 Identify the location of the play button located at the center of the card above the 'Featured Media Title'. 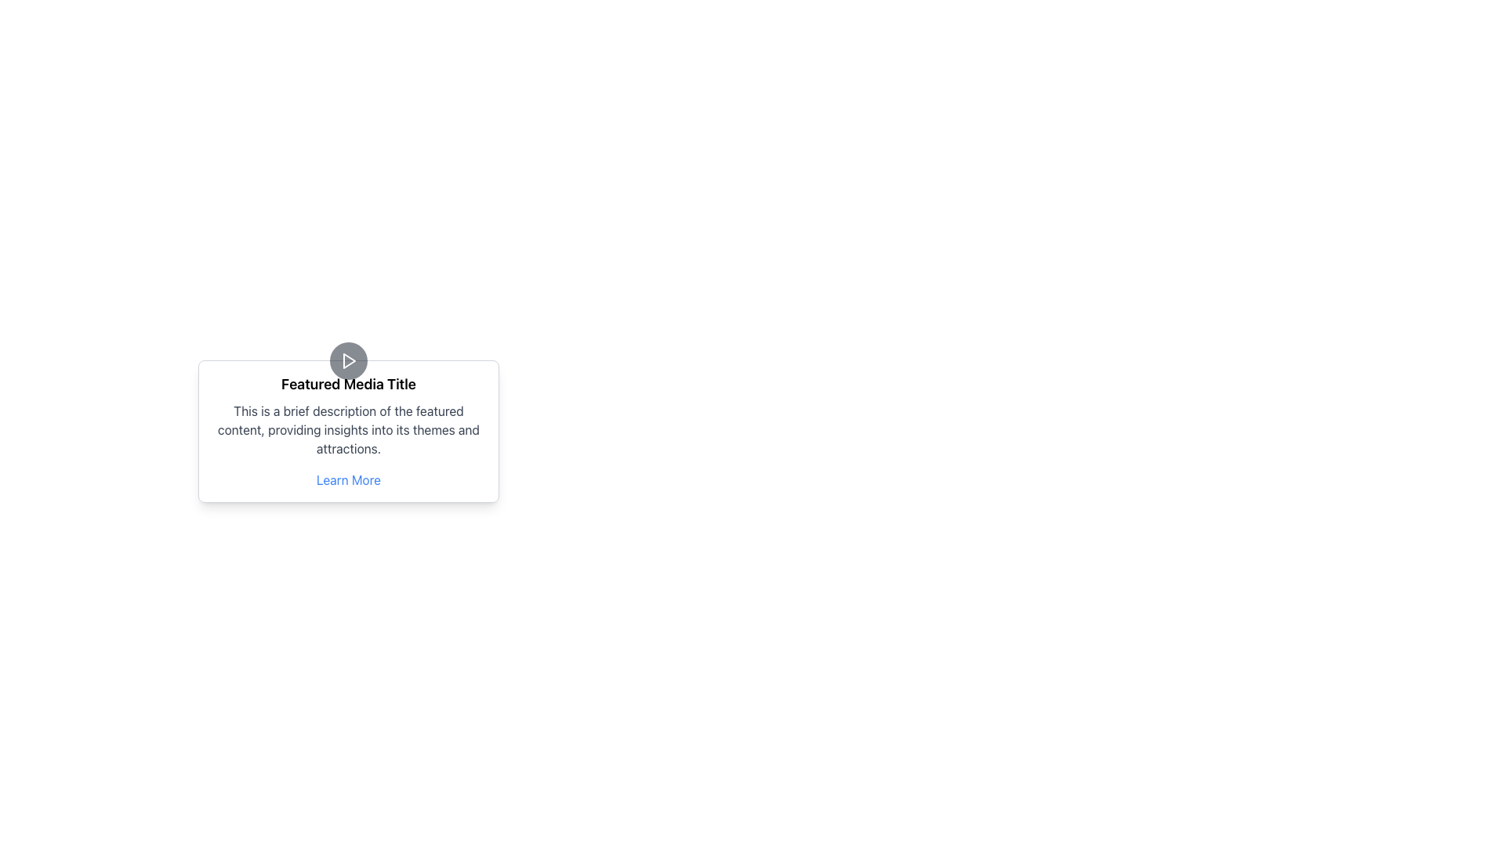
(348, 361).